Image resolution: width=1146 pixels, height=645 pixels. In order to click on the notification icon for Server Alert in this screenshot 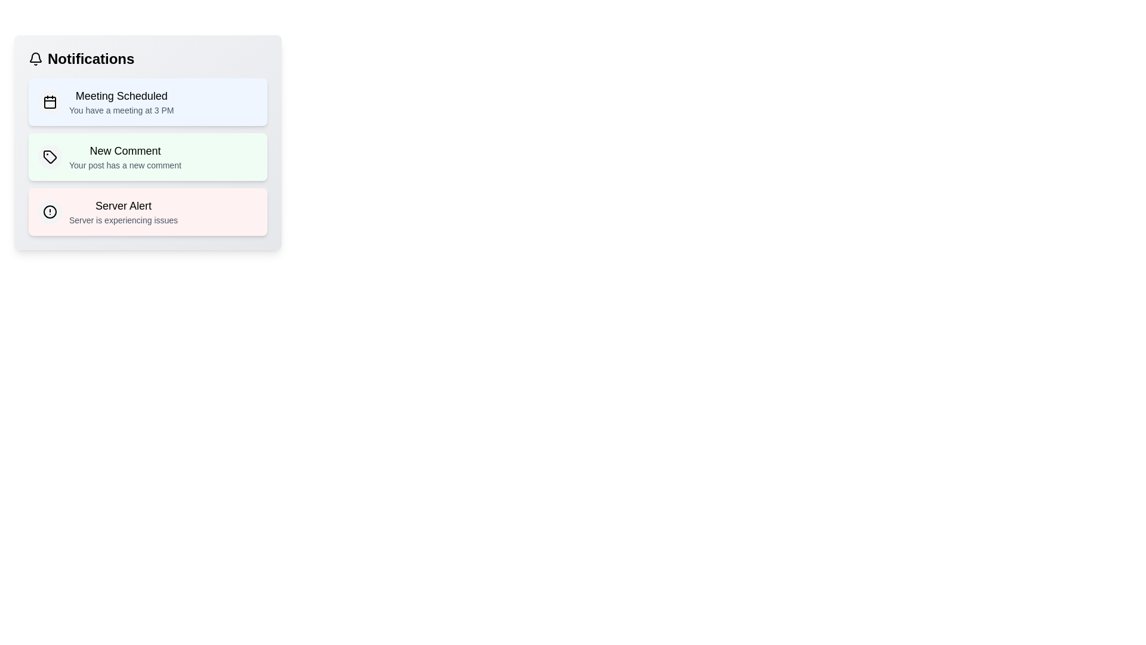, I will do `click(49, 211)`.